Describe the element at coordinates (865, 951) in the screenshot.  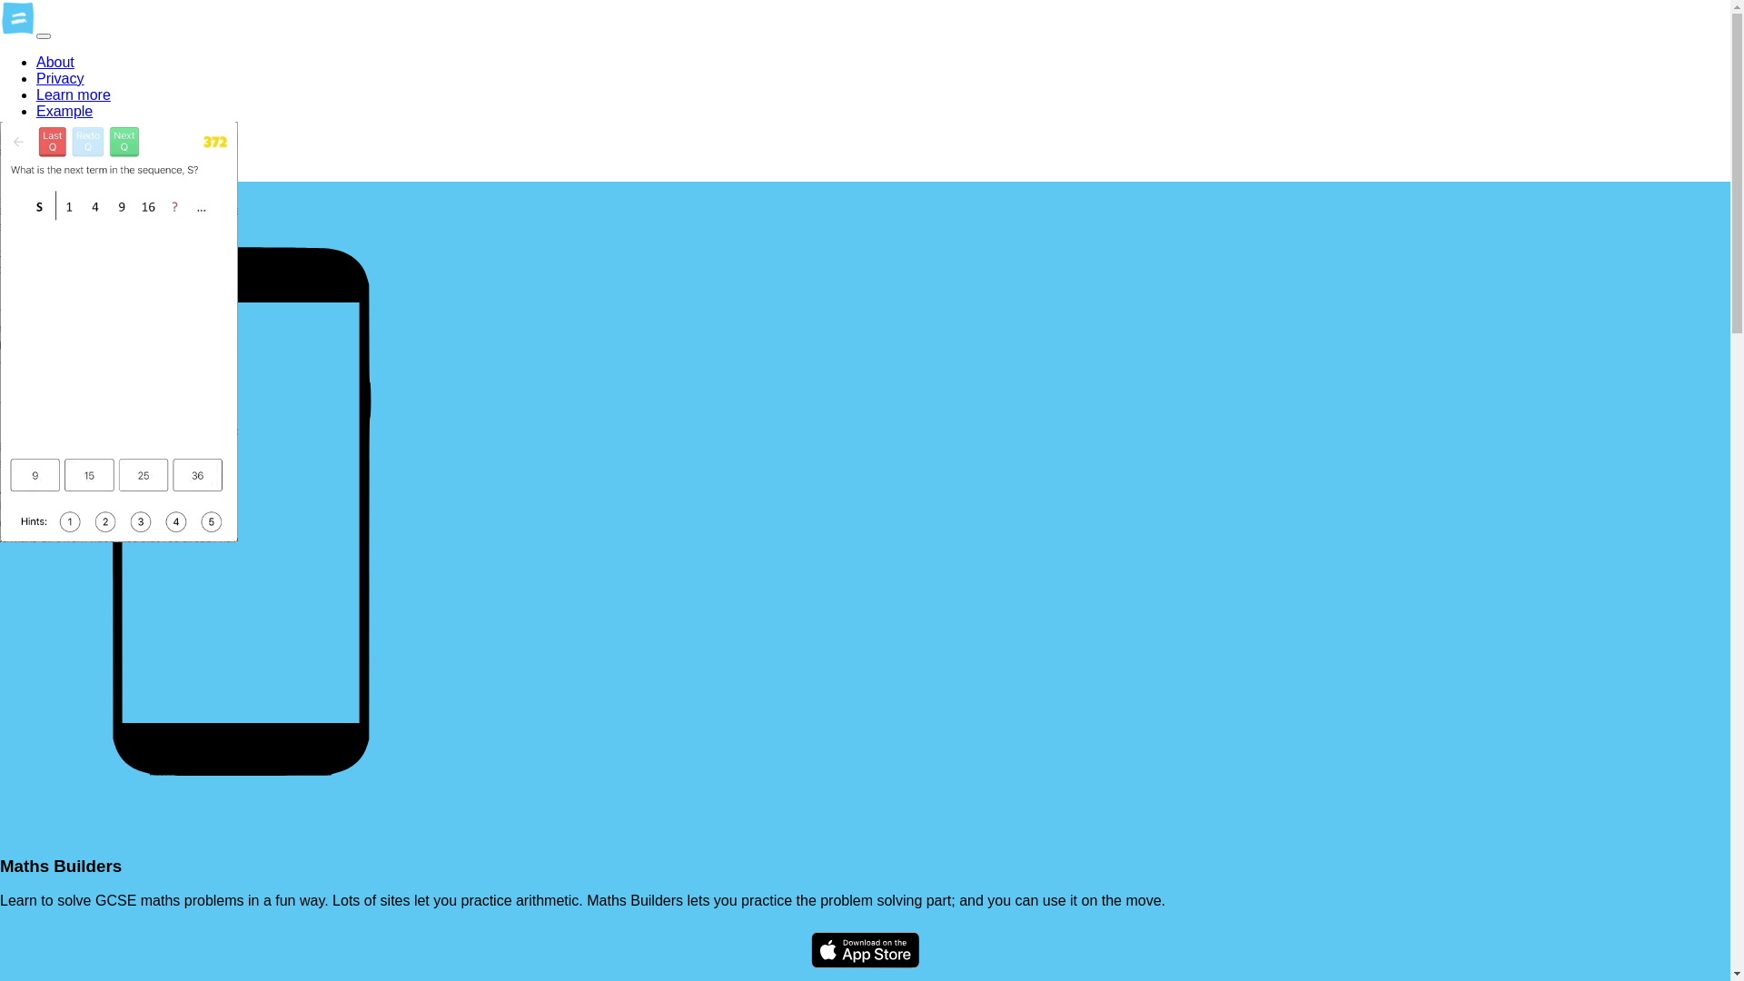
I see `'Download_on_the_App_Store_Badge_US-UK_RGB_blk_4SVG_092917'` at that location.